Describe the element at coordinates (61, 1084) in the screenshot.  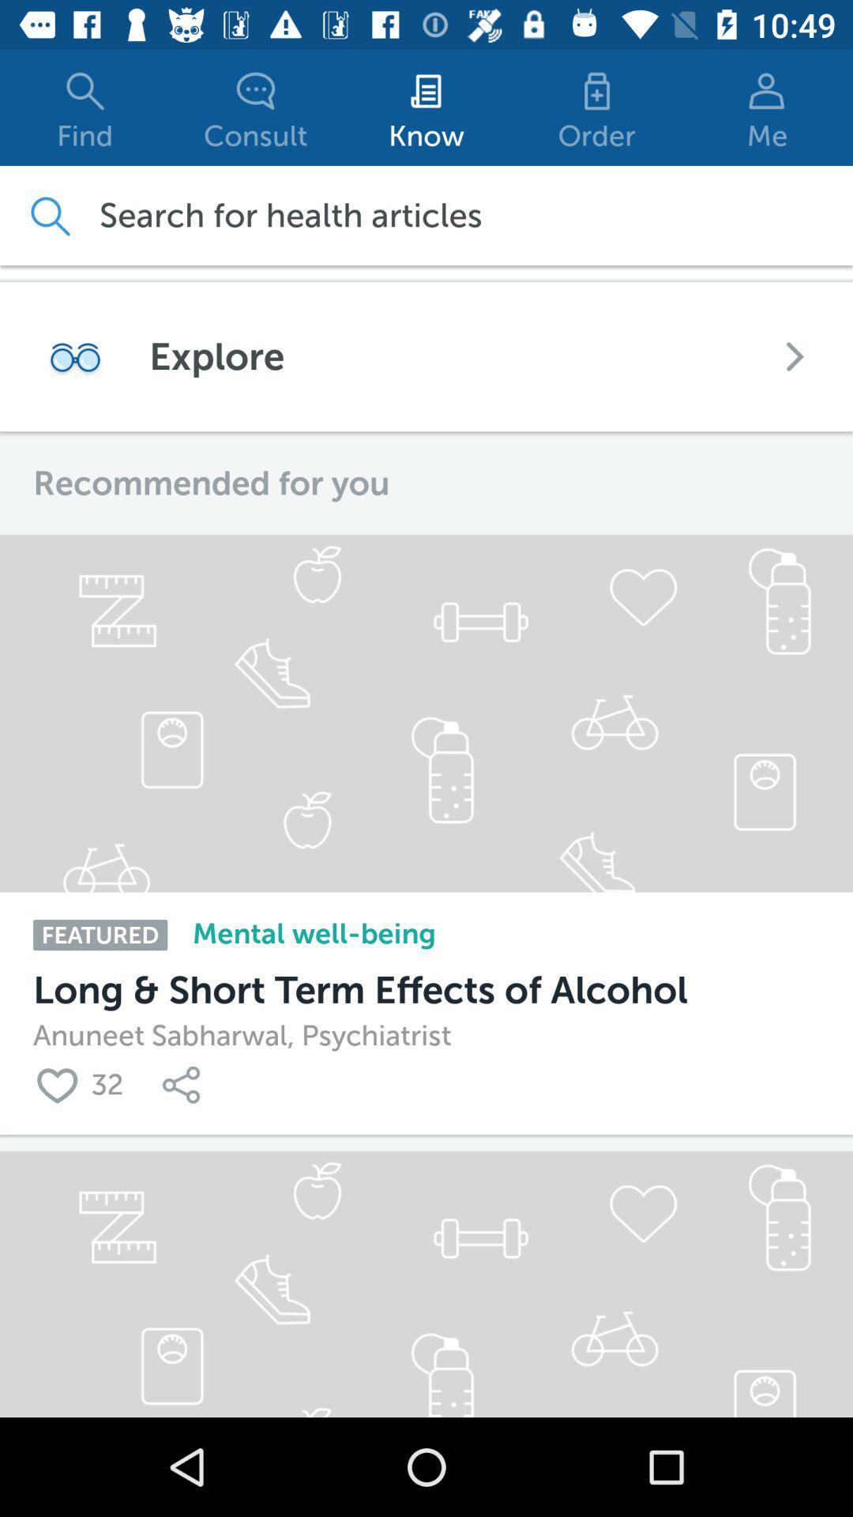
I see `loved the content` at that location.